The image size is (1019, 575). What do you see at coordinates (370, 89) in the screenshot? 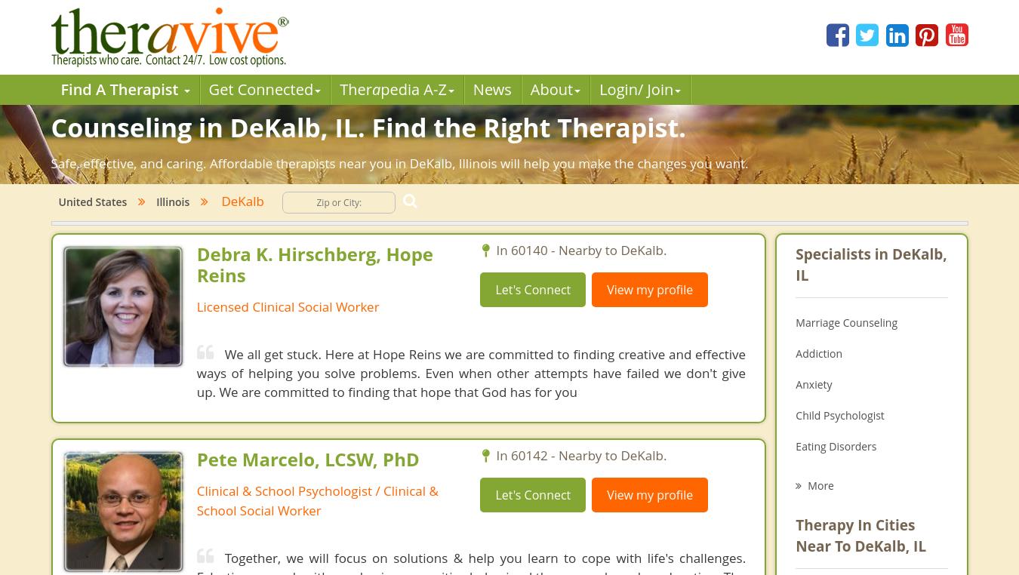
I see `'a'` at bounding box center [370, 89].